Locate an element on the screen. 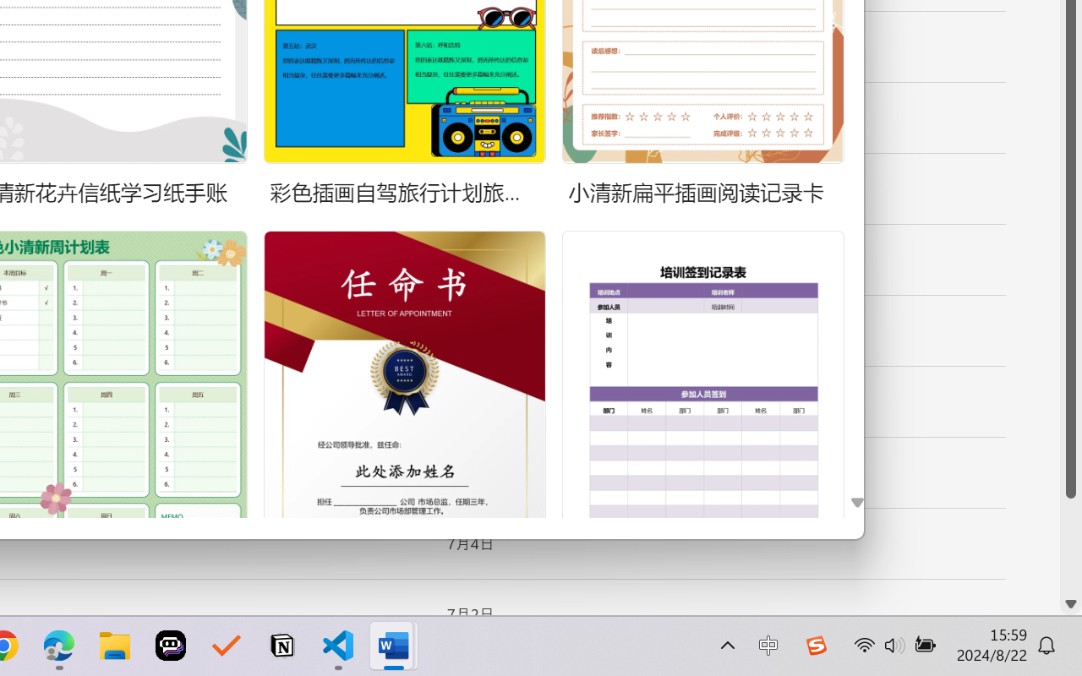  'Notion' is located at coordinates (282, 646).